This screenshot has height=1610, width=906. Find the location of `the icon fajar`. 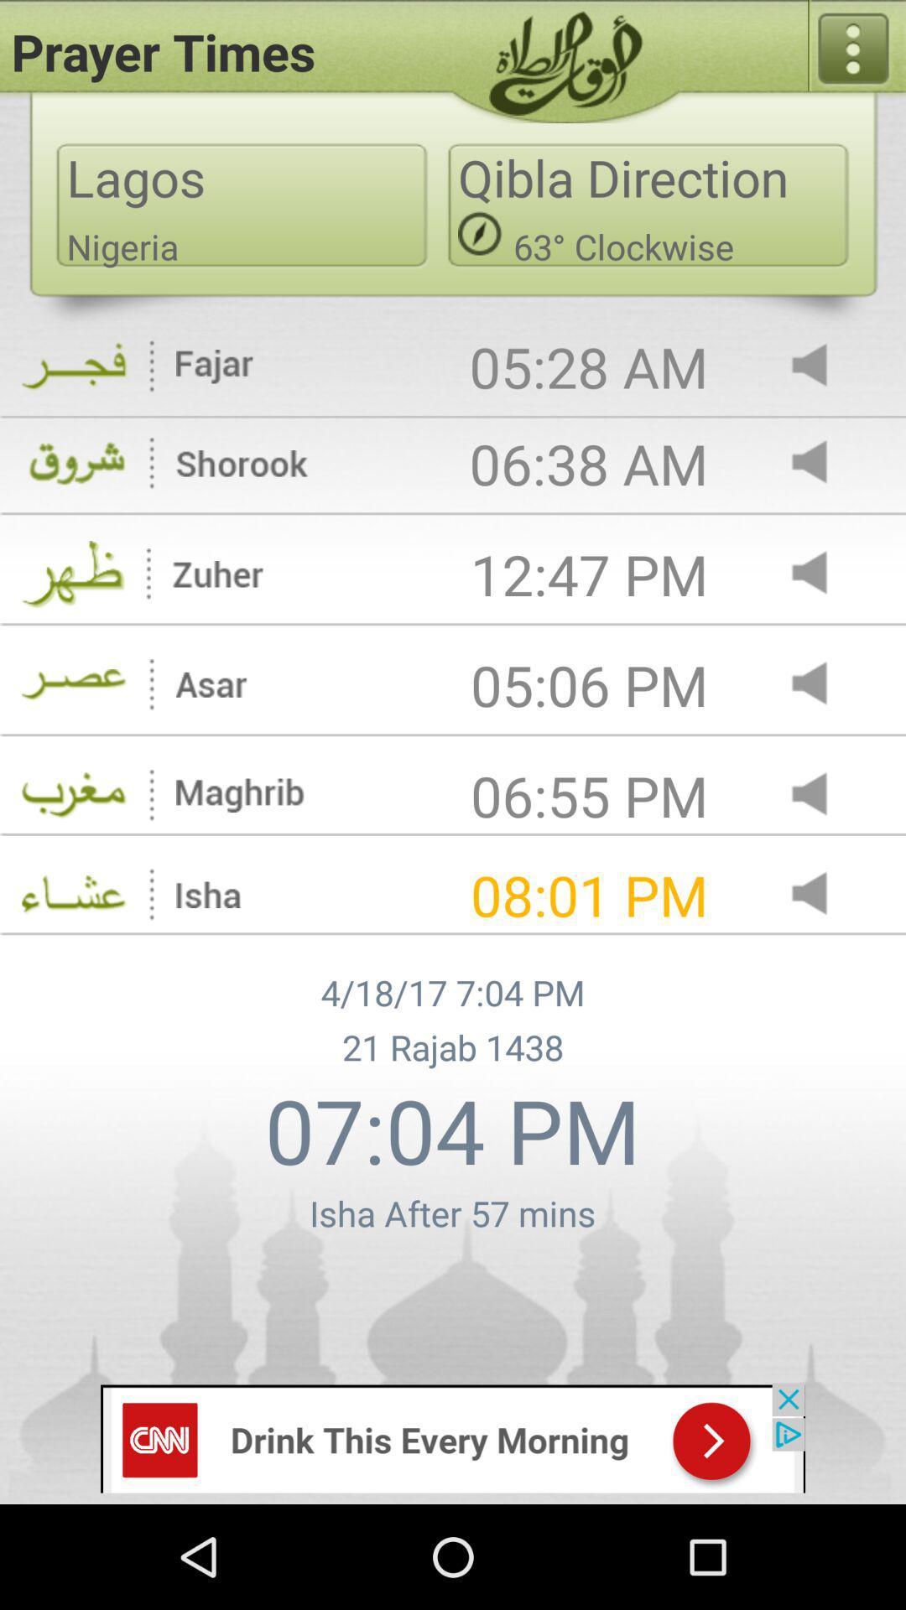

the icon fajar is located at coordinates (214, 366).